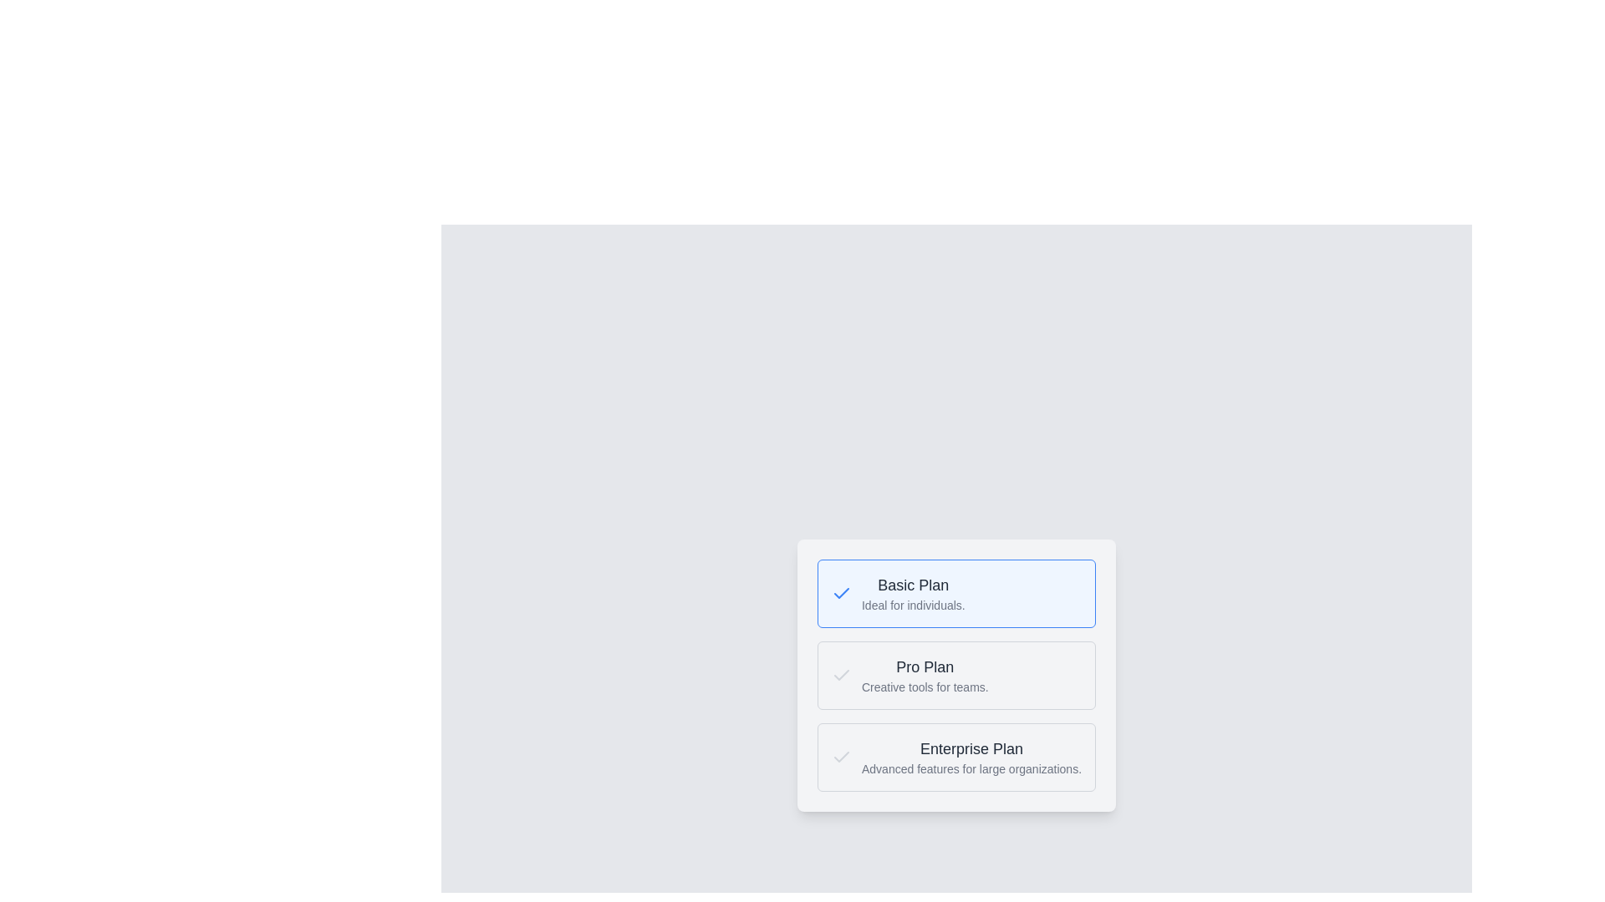  Describe the element at coordinates (956, 675) in the screenshot. I see `the 'Pro Plan' selectable card` at that location.